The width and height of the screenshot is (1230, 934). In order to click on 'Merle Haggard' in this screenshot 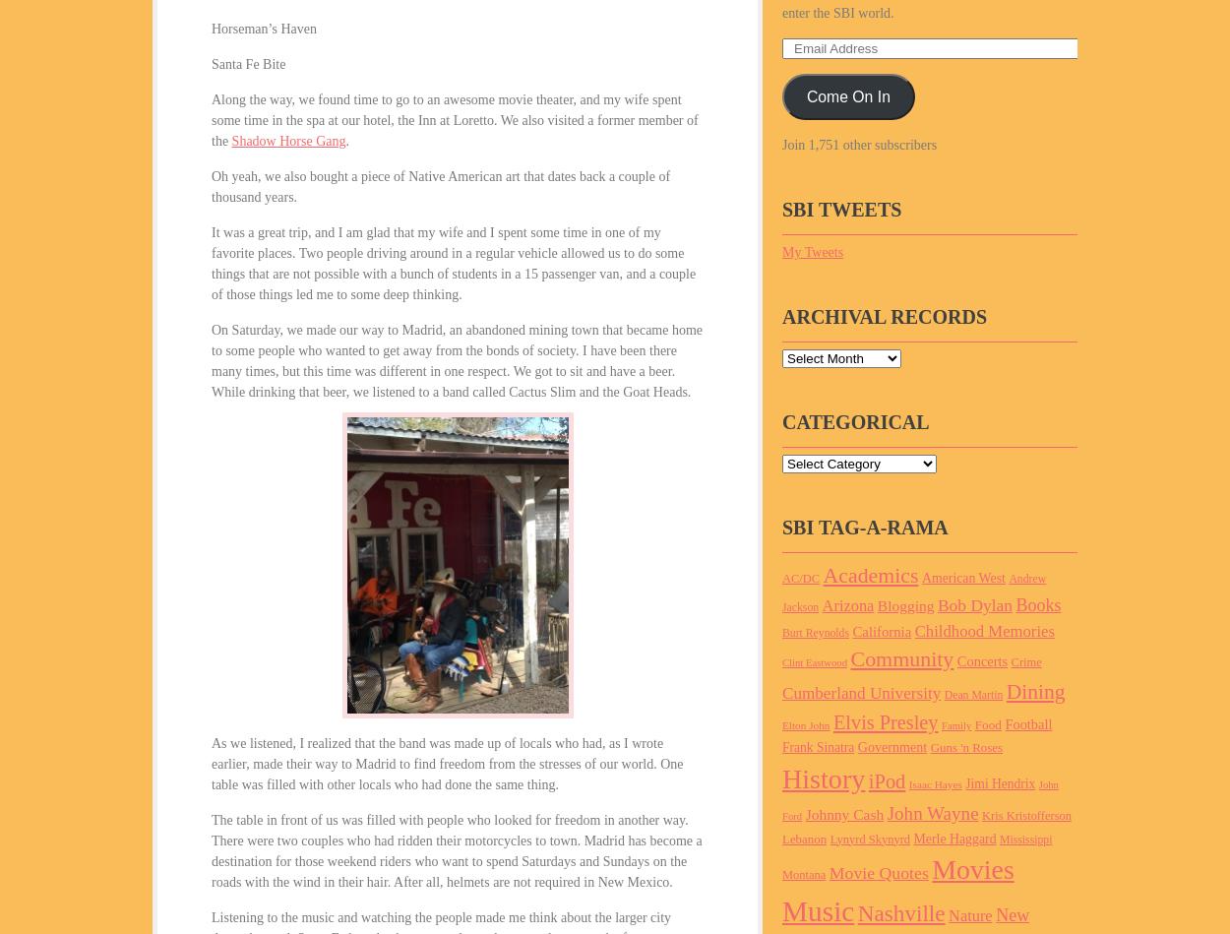, I will do `click(953, 837)`.